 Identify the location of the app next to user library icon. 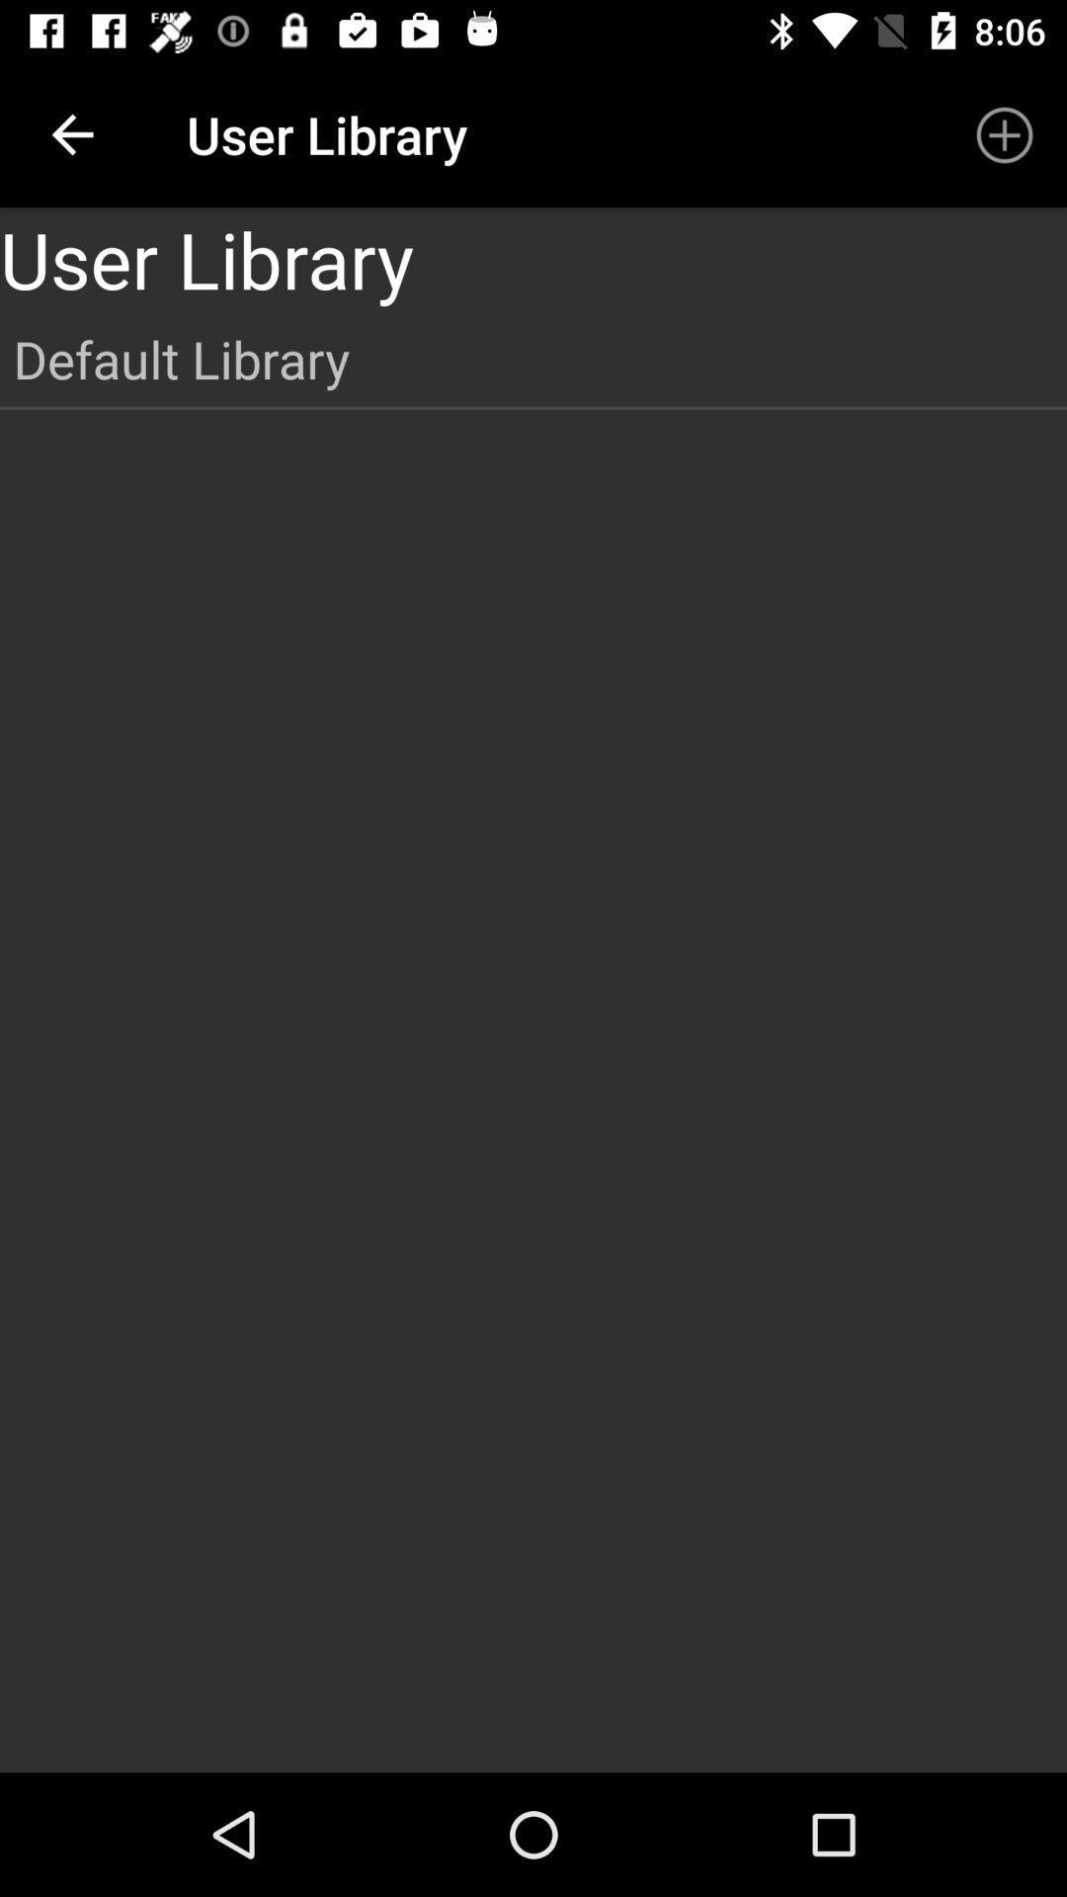
(1005, 133).